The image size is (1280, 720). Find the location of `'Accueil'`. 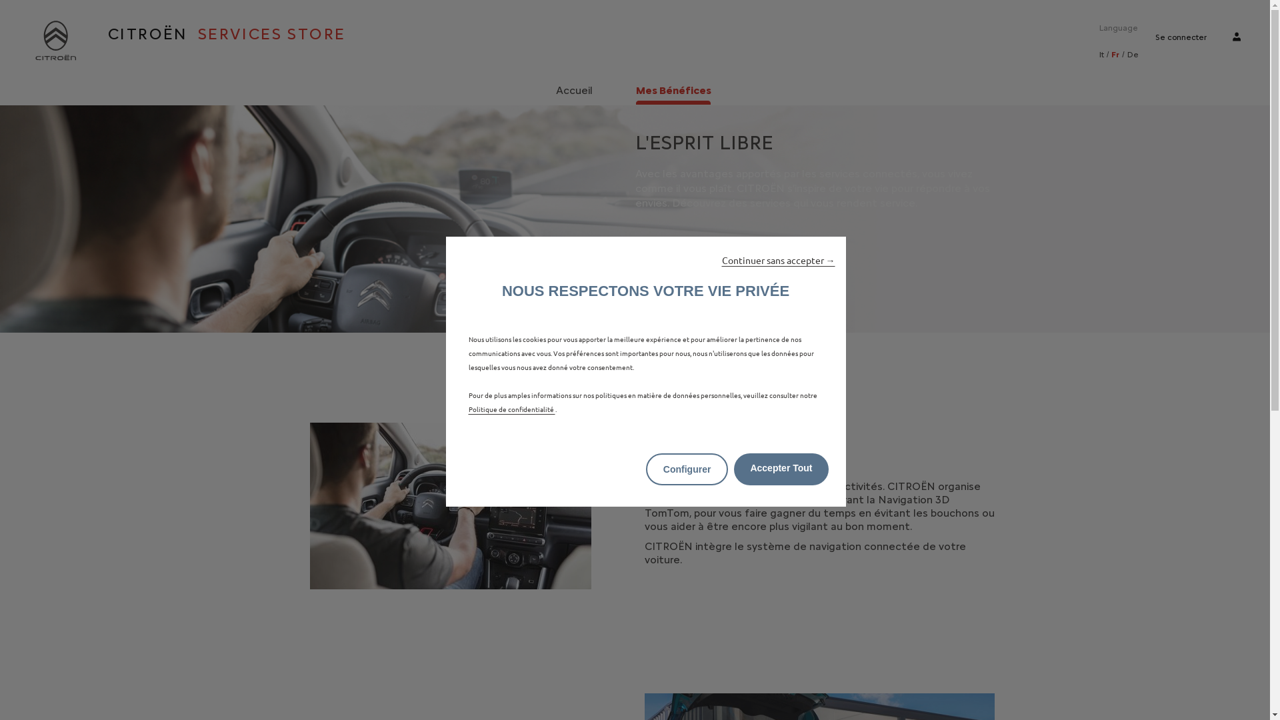

'Accueil' is located at coordinates (552, 89).